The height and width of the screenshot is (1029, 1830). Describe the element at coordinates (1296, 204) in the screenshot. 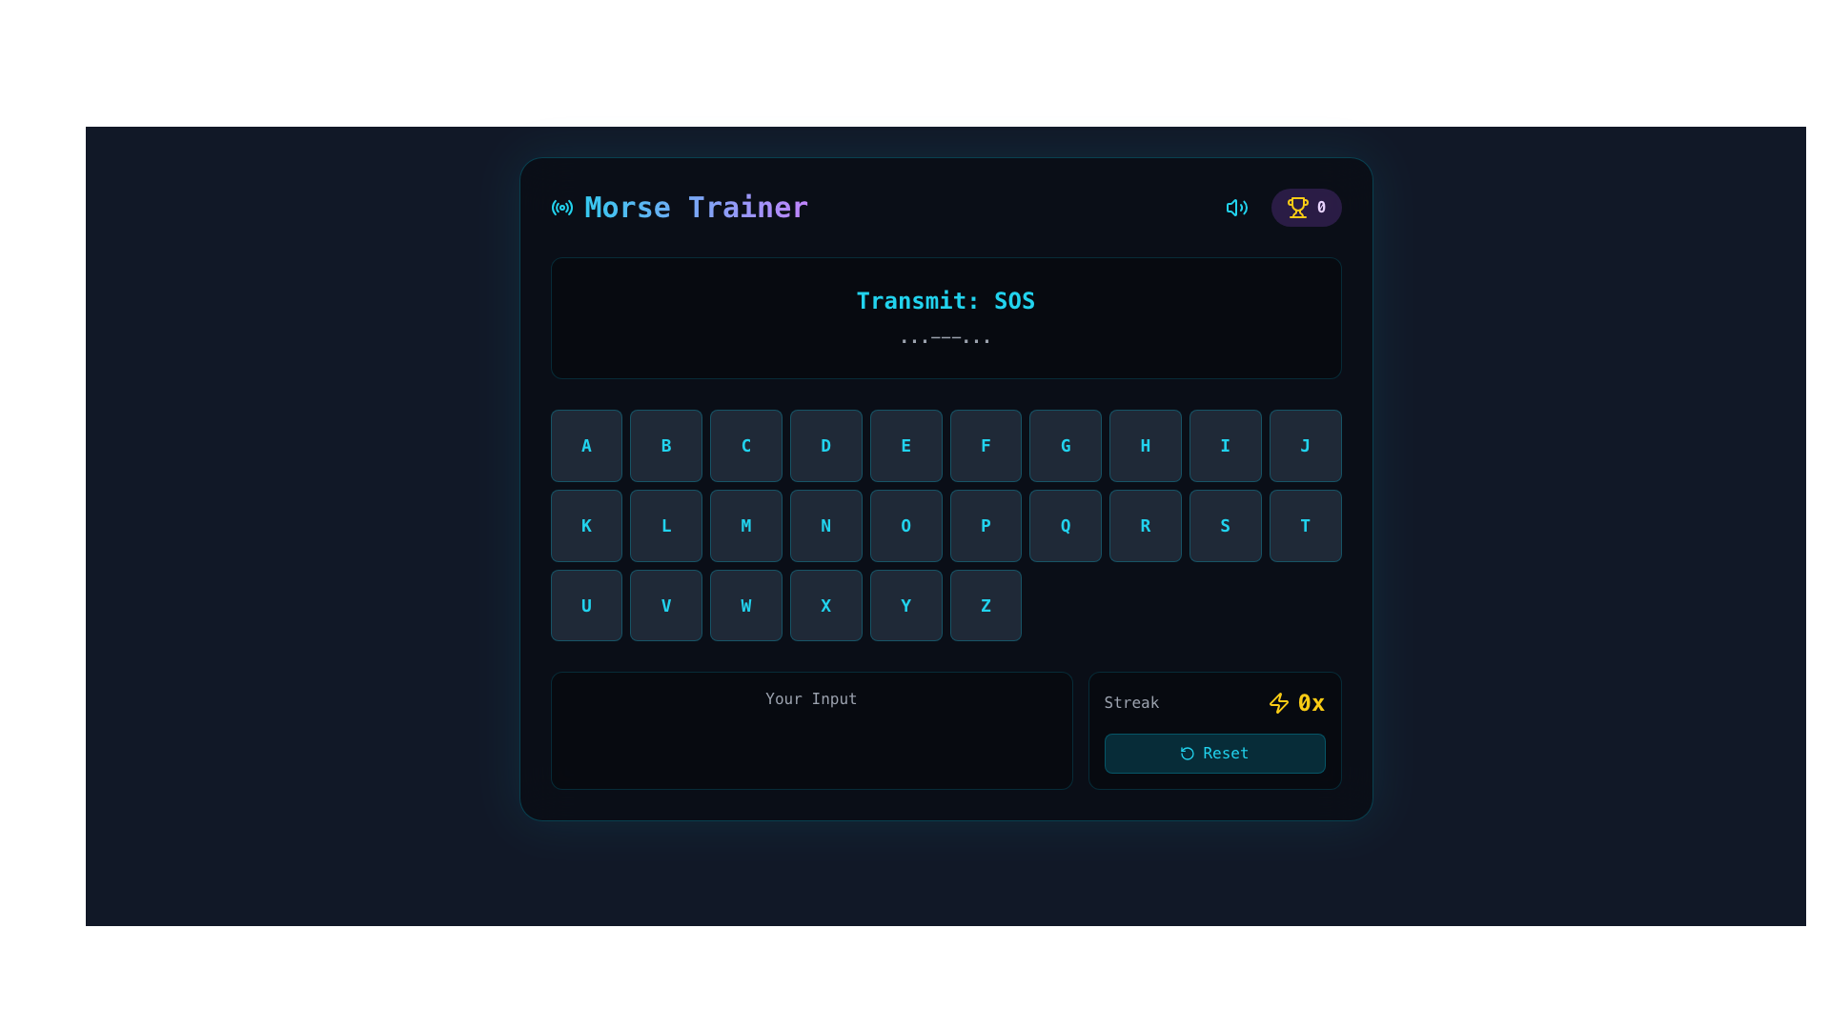

I see `the trophy icon located in the top right area of the interface, which features a traditional trophy shape with a yellowish hue` at that location.